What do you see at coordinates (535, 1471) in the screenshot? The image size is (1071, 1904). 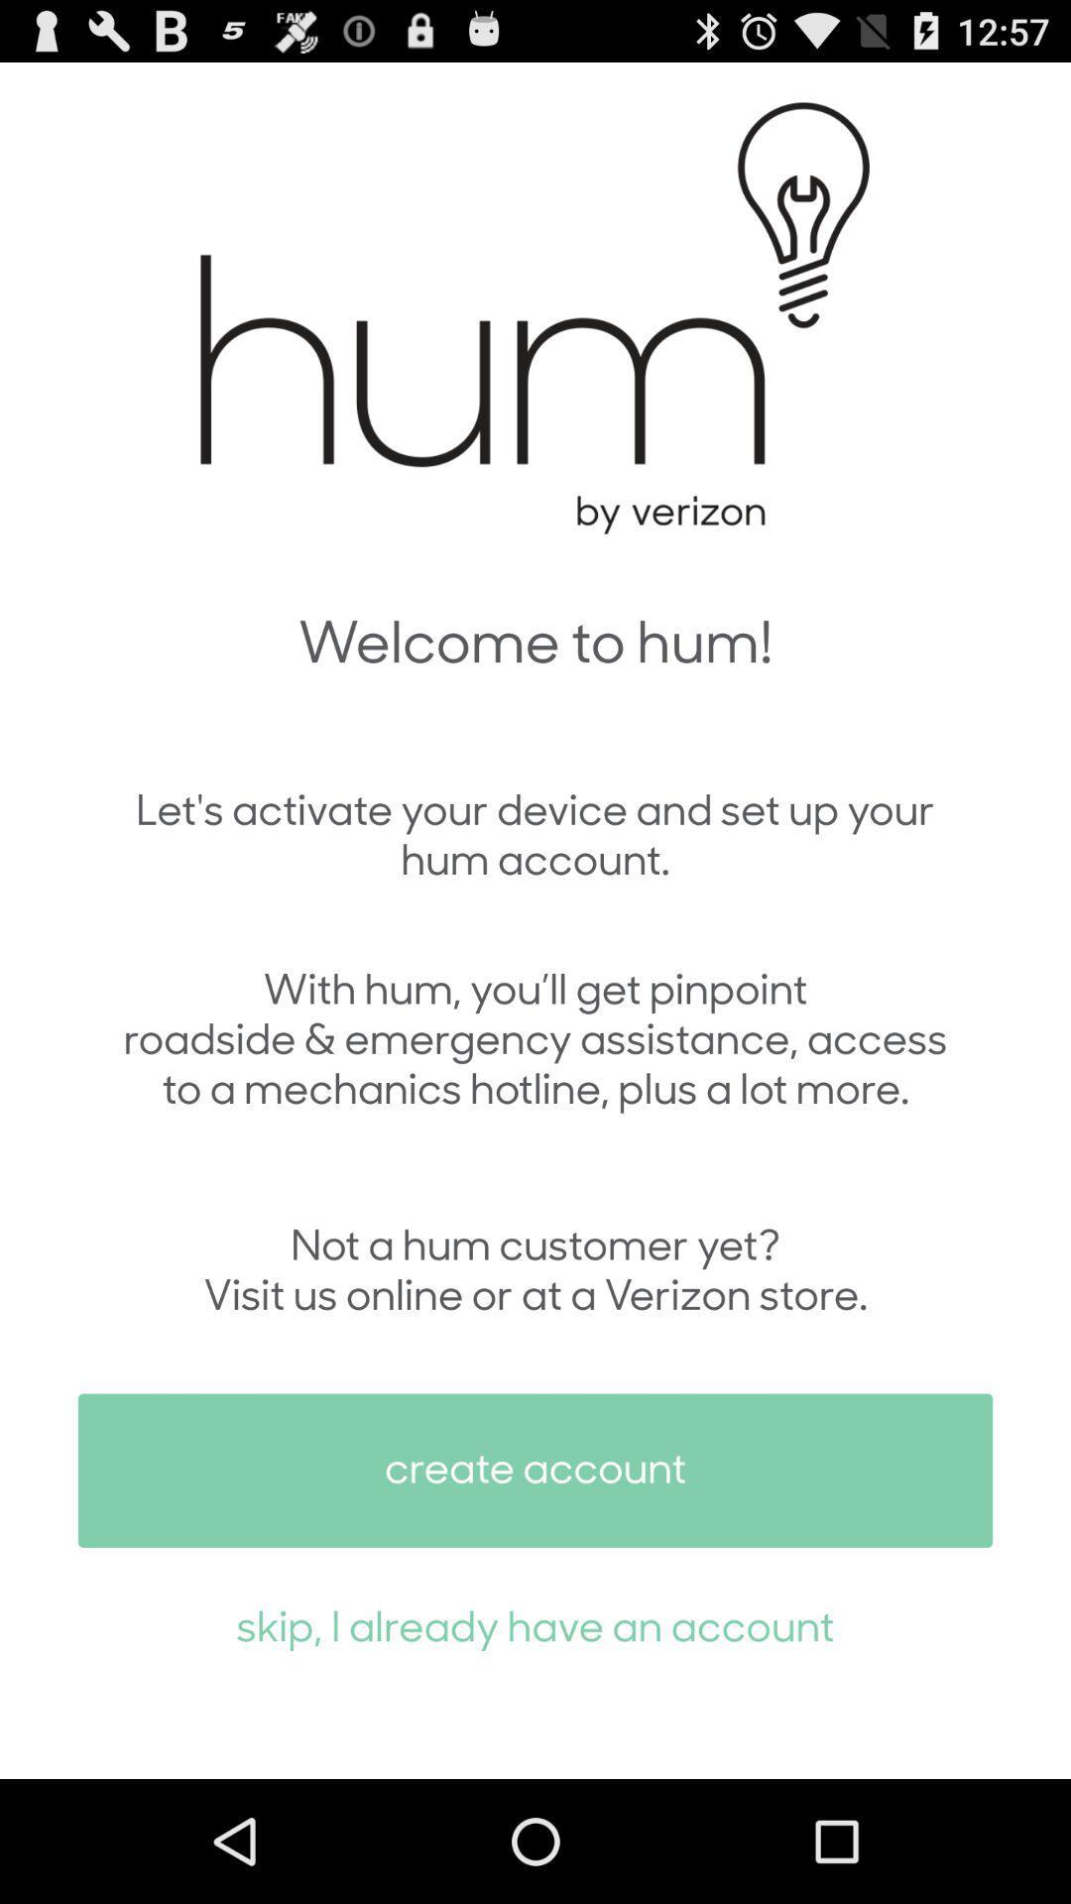 I see `the create account` at bounding box center [535, 1471].